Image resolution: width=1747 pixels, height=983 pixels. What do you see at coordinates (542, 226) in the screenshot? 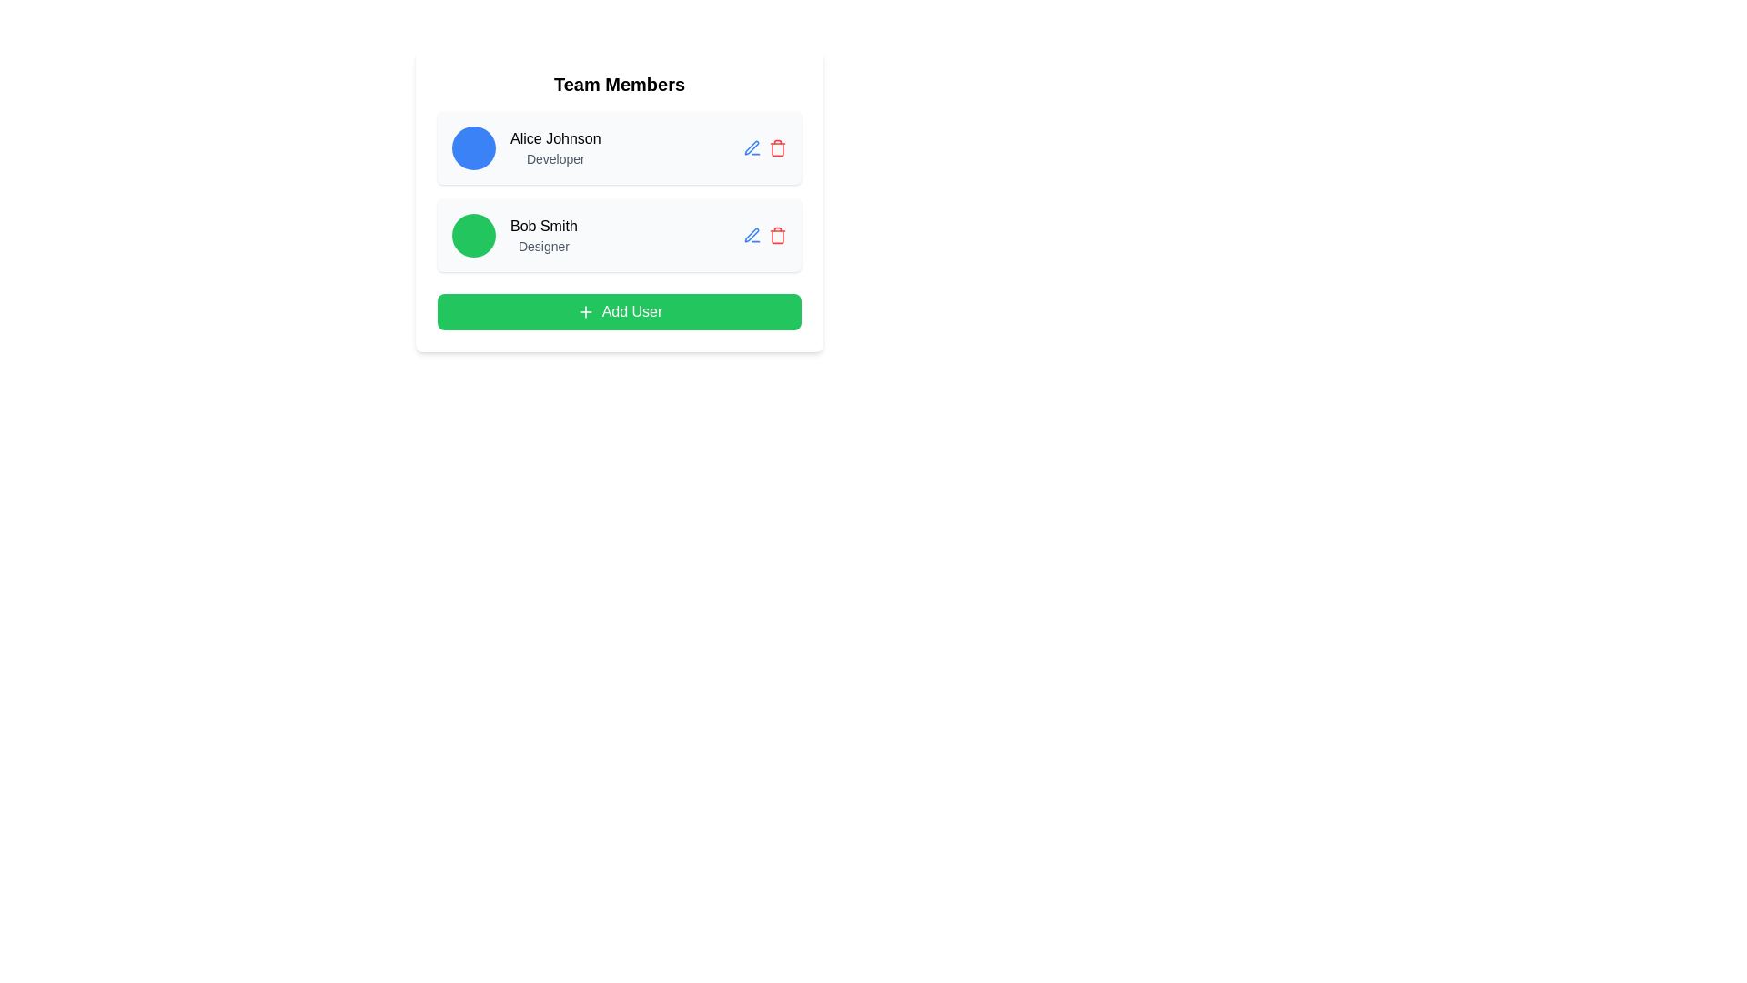
I see `the static text label displaying 'Bob Smith' in the second team member card within the 'Team Members' section, which is positioned above the text 'Designer' and to the right of the green circular avatar` at bounding box center [542, 226].